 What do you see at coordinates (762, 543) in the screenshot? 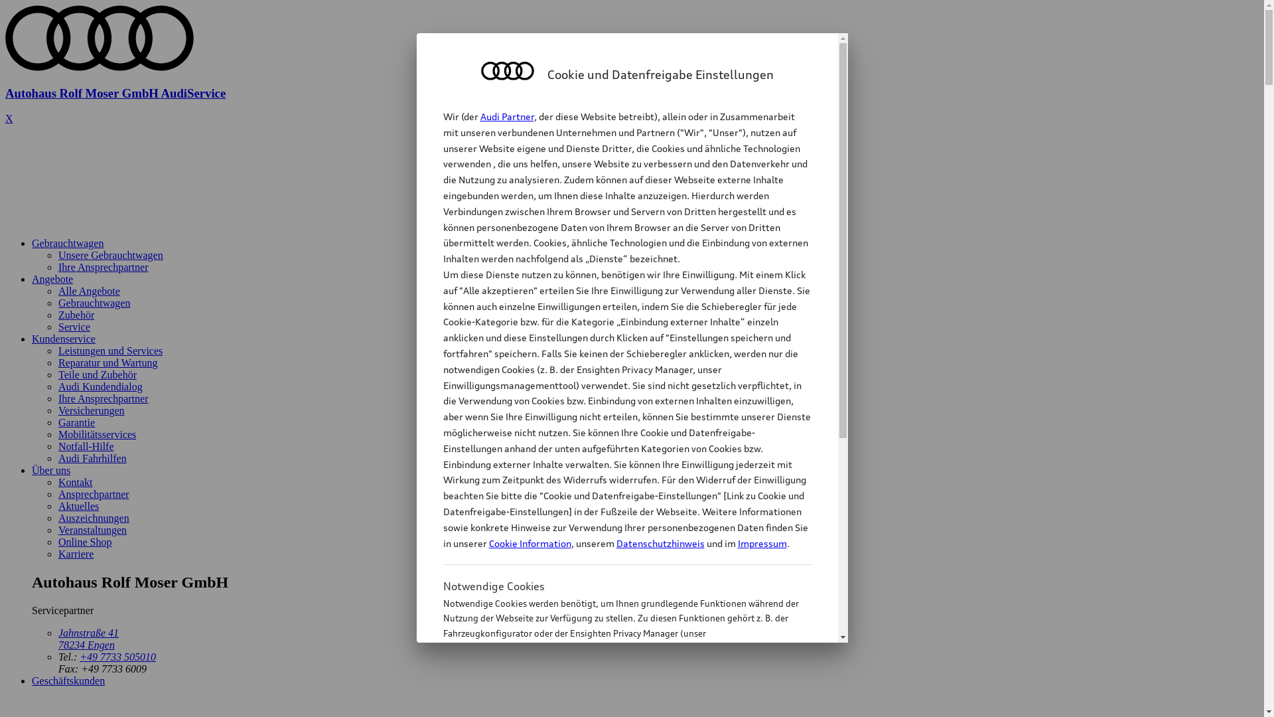
I see `'Impressum'` at bounding box center [762, 543].